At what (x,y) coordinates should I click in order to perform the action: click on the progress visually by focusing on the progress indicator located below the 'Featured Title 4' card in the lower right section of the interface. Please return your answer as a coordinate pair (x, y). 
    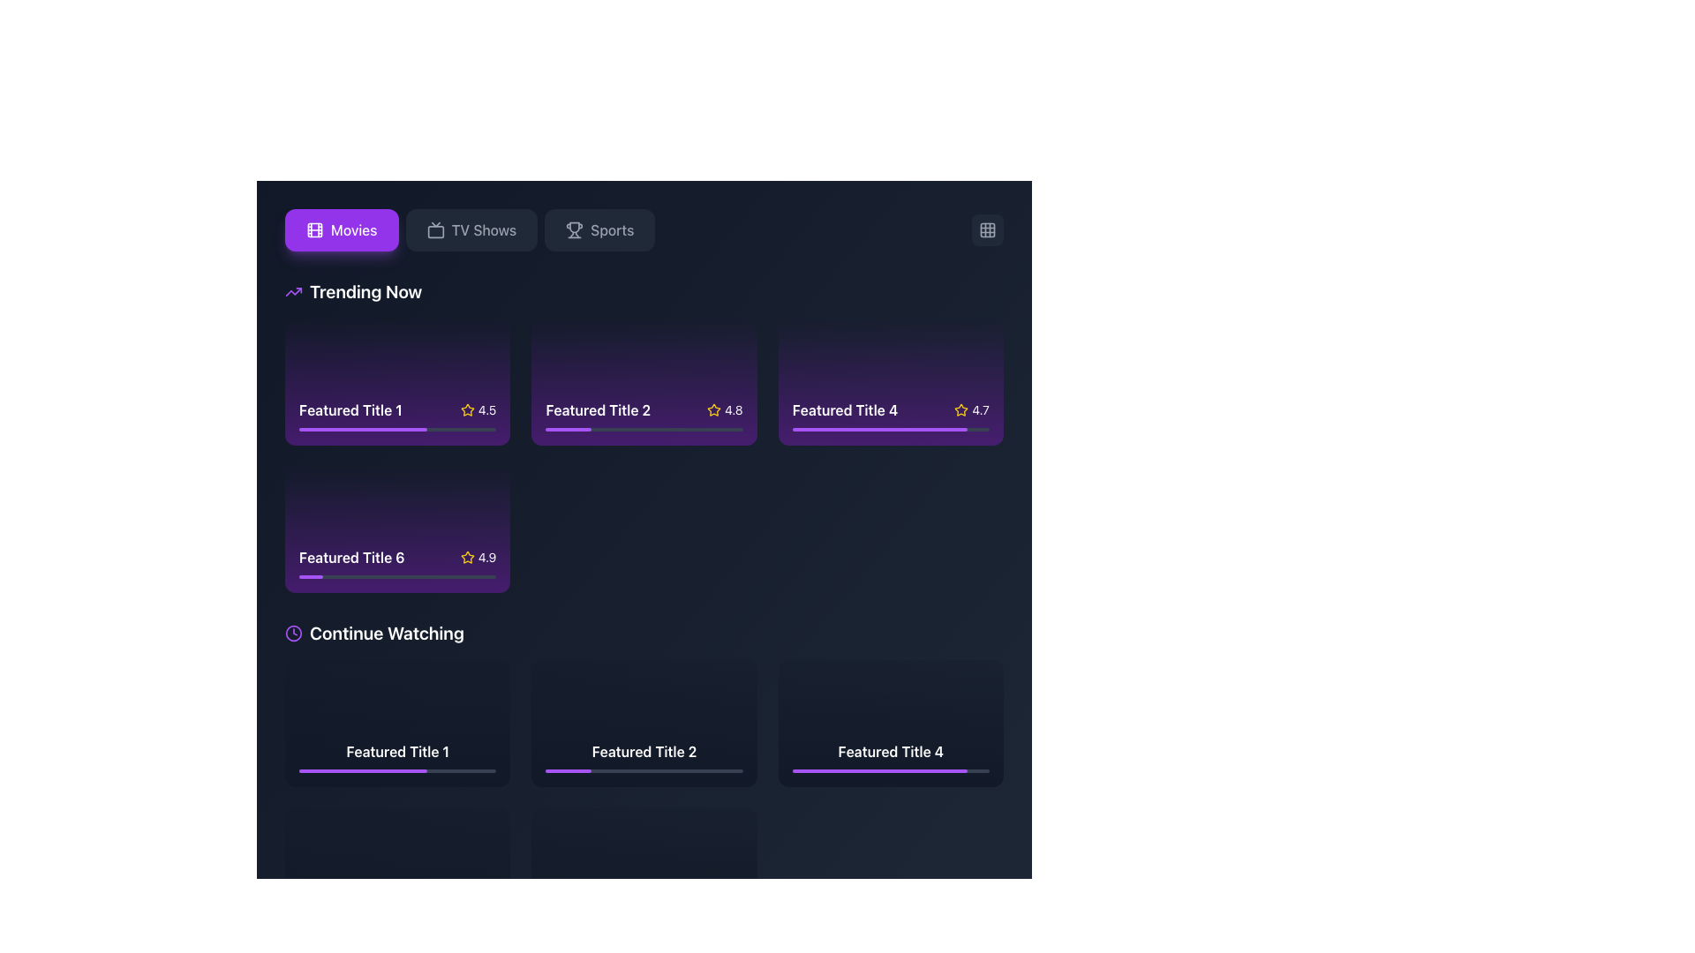
    Looking at the image, I should click on (880, 769).